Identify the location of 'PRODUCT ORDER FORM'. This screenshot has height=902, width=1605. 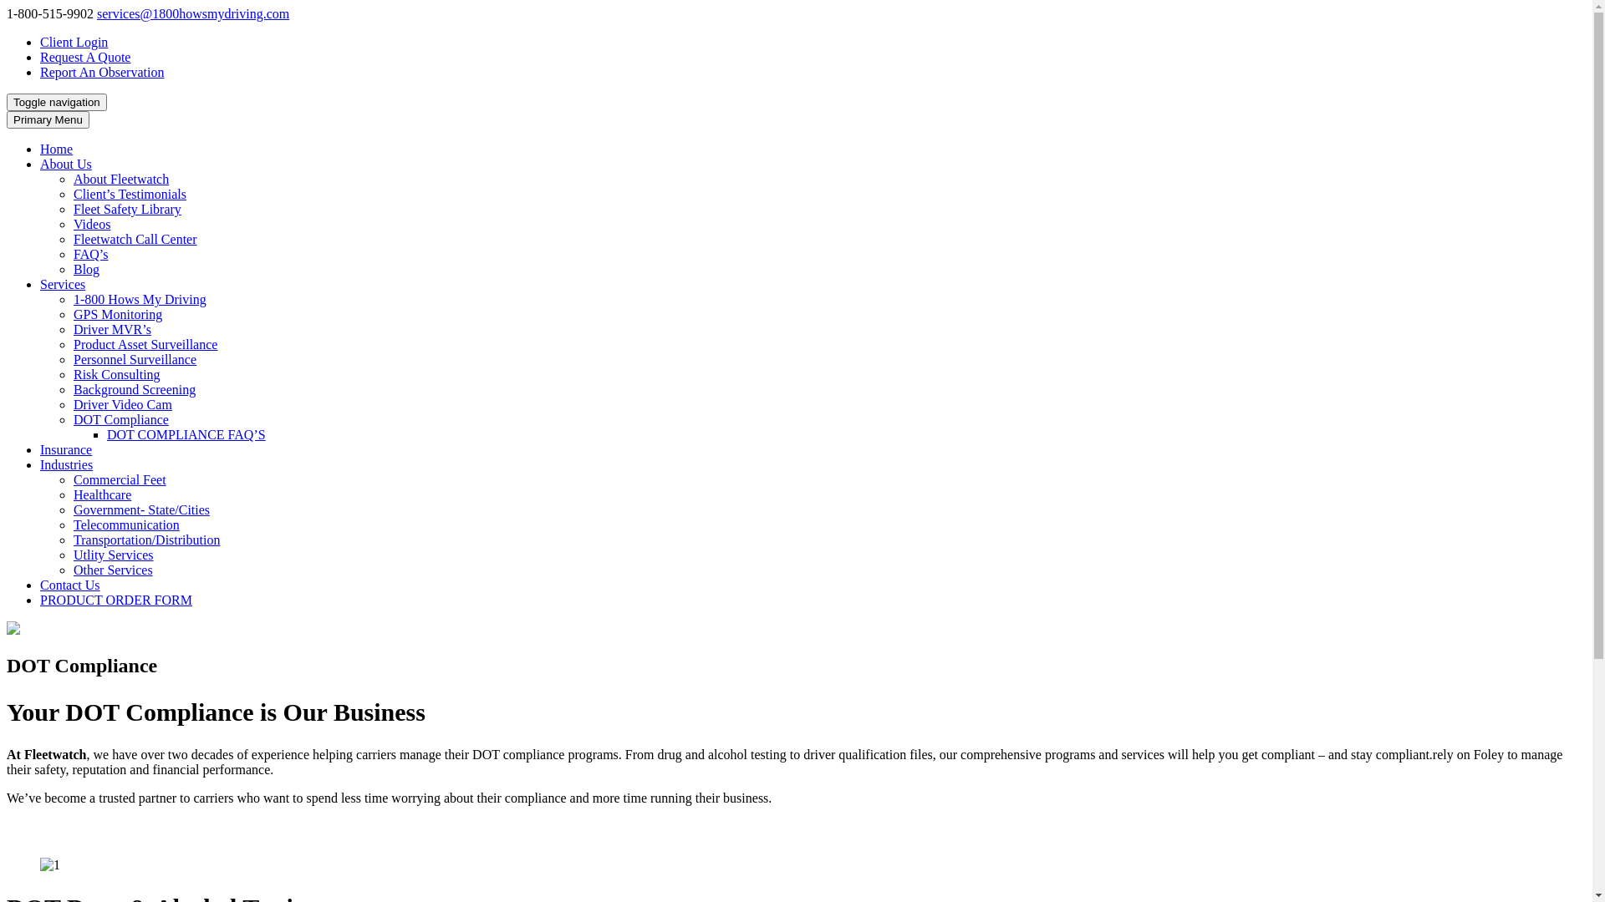
(115, 599).